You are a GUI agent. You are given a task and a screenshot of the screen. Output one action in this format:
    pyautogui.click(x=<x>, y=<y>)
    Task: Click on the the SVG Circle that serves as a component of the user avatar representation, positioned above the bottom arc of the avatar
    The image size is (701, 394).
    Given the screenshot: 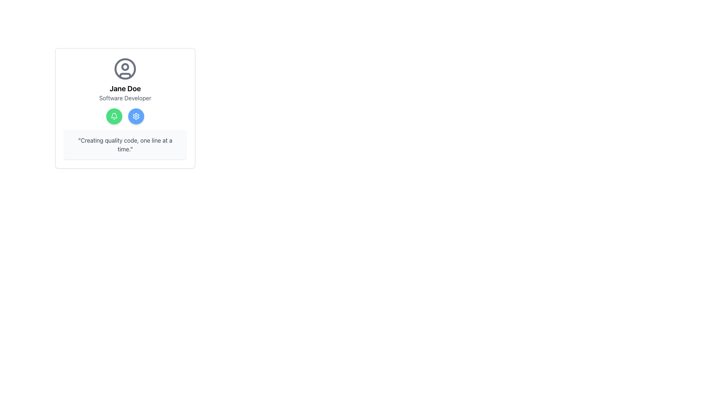 What is the action you would take?
    pyautogui.click(x=125, y=66)
    